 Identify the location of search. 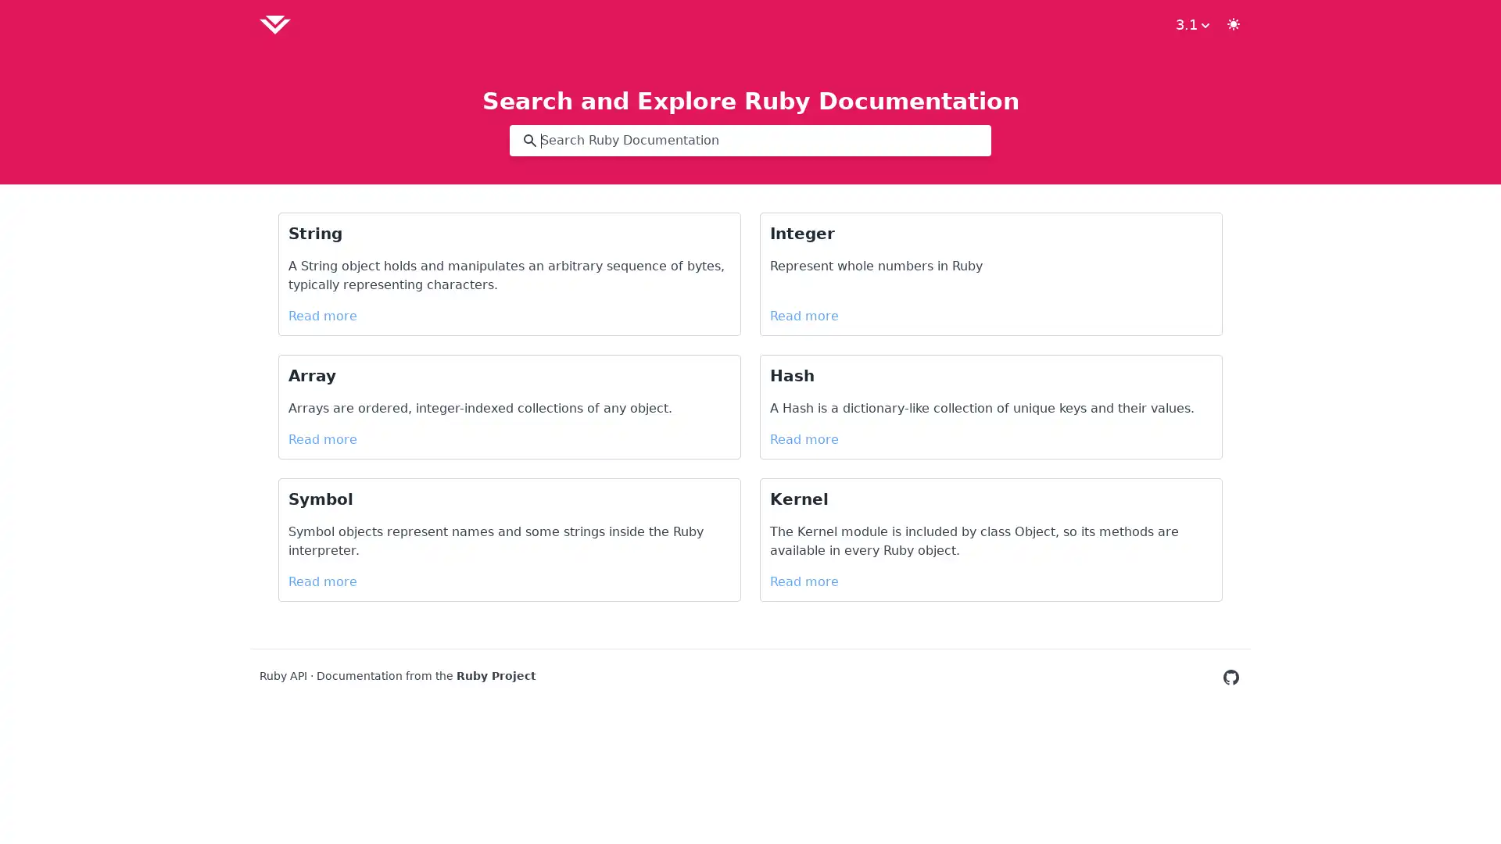
(529, 141).